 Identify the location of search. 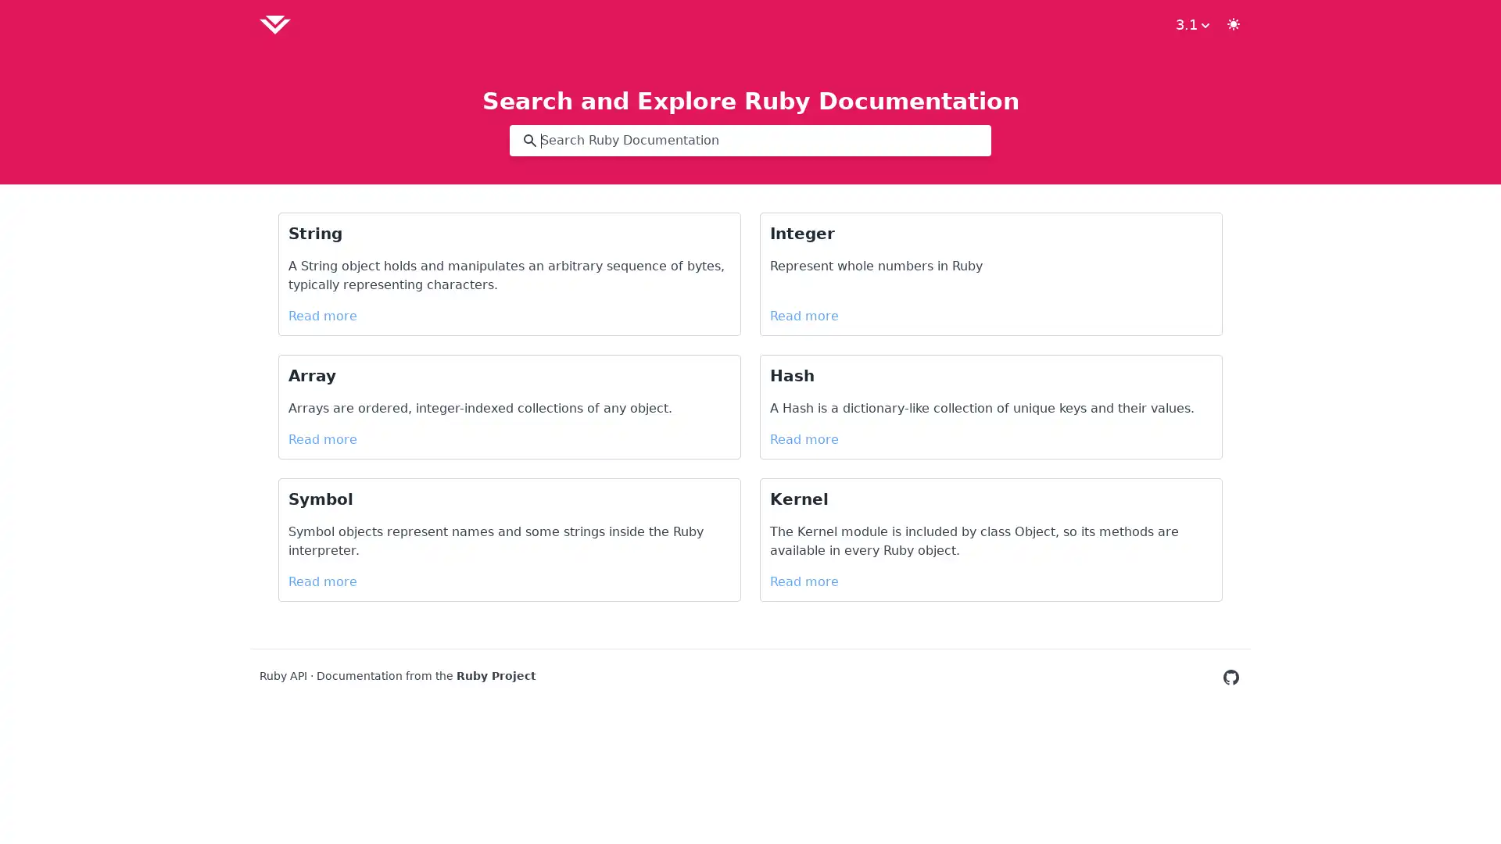
(529, 141).